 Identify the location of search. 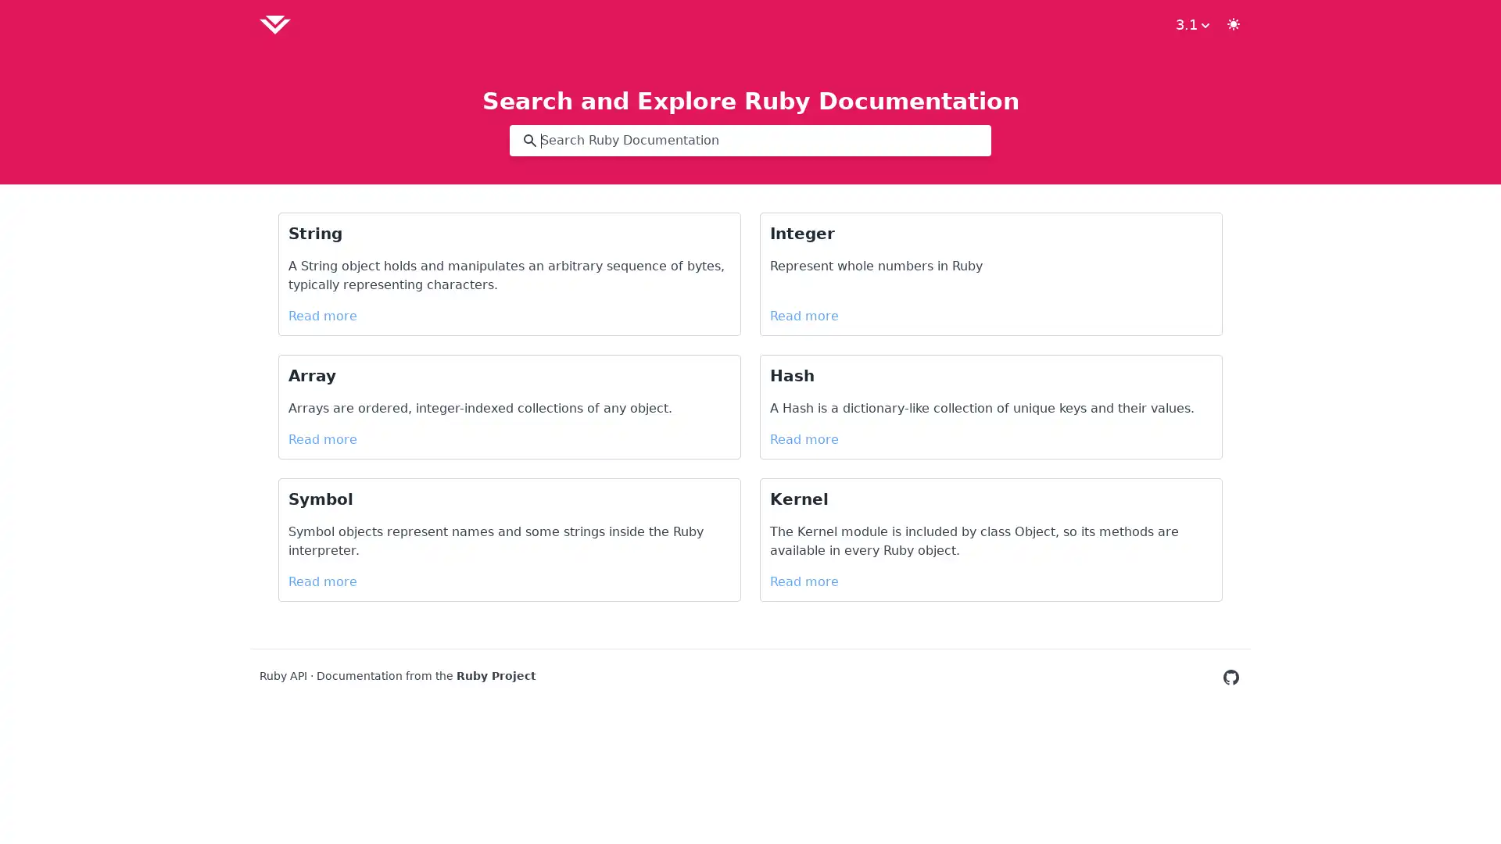
(529, 141).